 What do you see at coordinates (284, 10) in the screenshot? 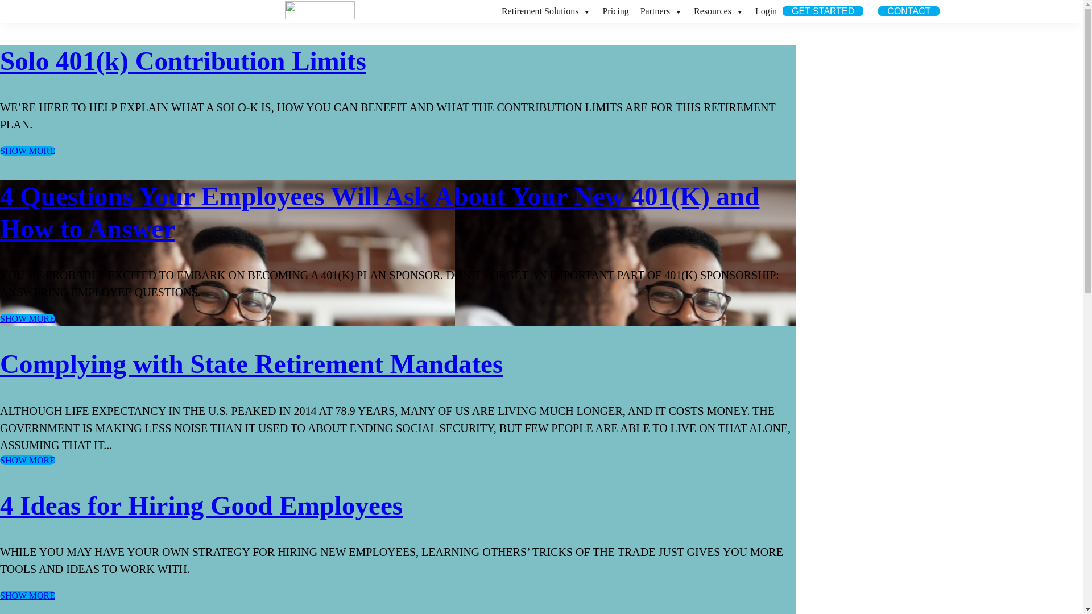
I see `'Isolation_Mode'` at bounding box center [284, 10].